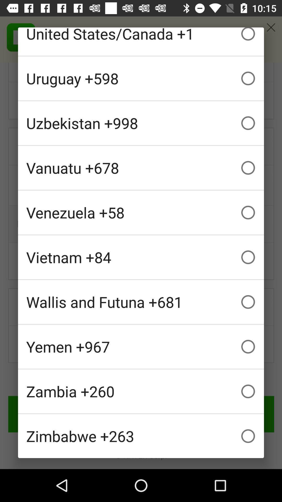 The width and height of the screenshot is (282, 502). Describe the element at coordinates (141, 346) in the screenshot. I see `item below wallis and futuna item` at that location.